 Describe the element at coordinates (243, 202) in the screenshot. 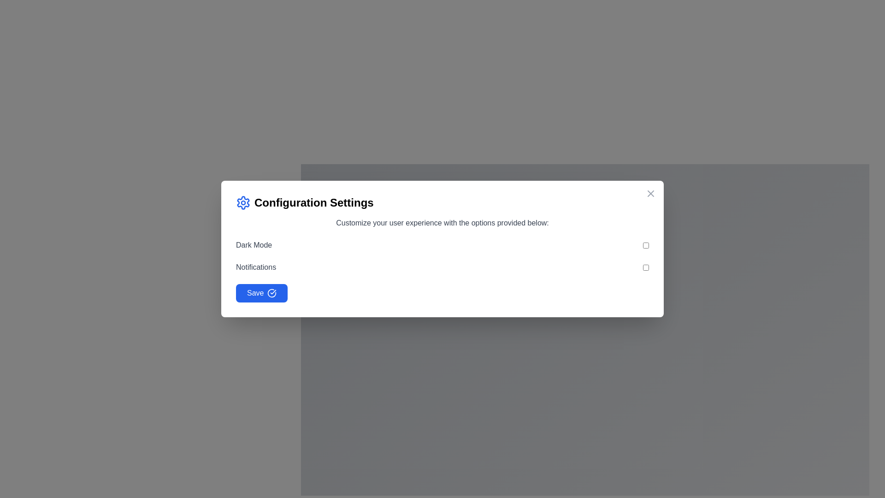

I see `the blue gear icon that signifies settings, located to the left of the text 'Configuration Settings' at the top-left corner of the modal dialog box` at that location.